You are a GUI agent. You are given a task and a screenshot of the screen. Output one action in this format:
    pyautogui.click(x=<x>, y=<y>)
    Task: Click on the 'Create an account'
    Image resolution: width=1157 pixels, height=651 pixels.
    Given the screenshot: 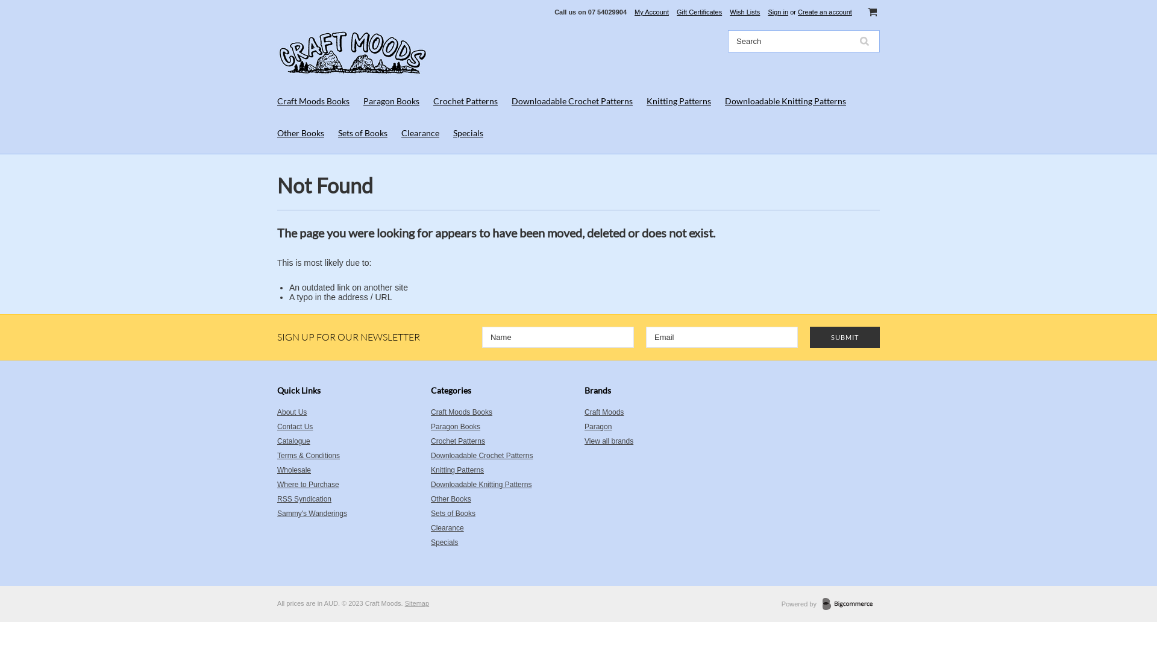 What is the action you would take?
    pyautogui.click(x=798, y=11)
    